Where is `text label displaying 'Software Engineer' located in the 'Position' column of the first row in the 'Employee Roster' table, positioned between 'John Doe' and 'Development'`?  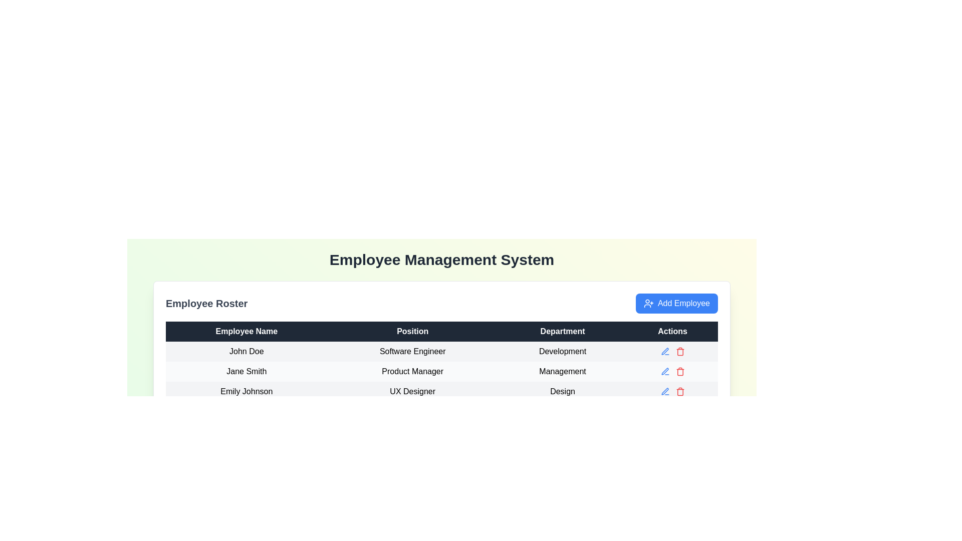
text label displaying 'Software Engineer' located in the 'Position' column of the first row in the 'Employee Roster' table, positioned between 'John Doe' and 'Development' is located at coordinates (412, 351).